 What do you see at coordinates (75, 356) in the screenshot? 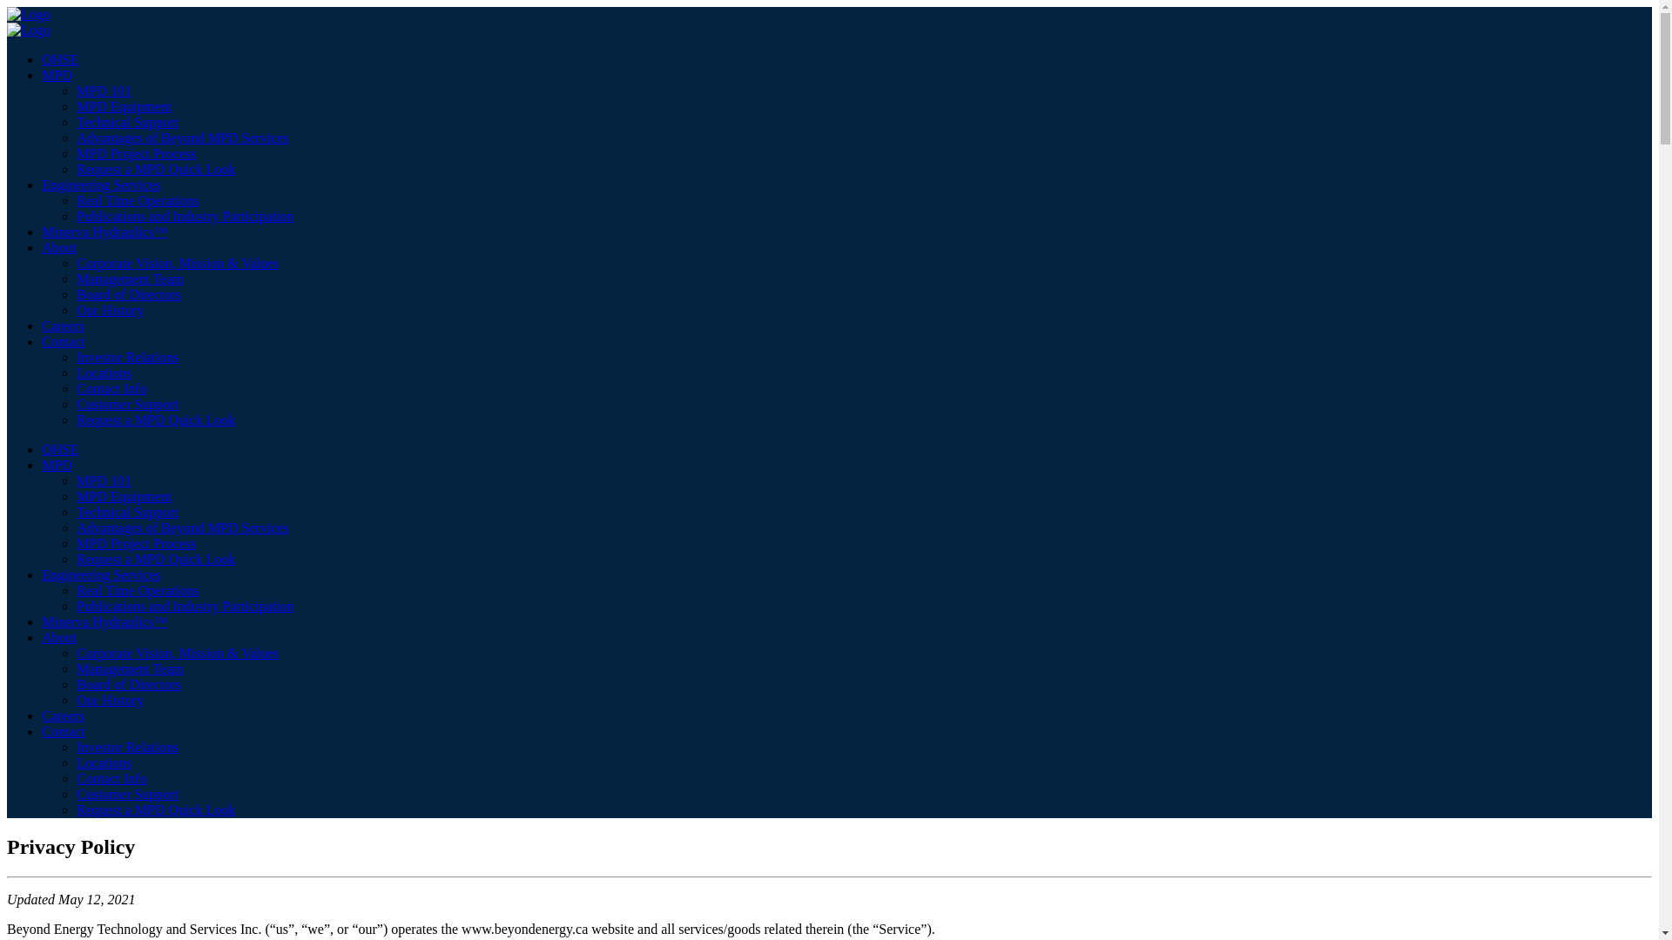
I see `'Investor Relations'` at bounding box center [75, 356].